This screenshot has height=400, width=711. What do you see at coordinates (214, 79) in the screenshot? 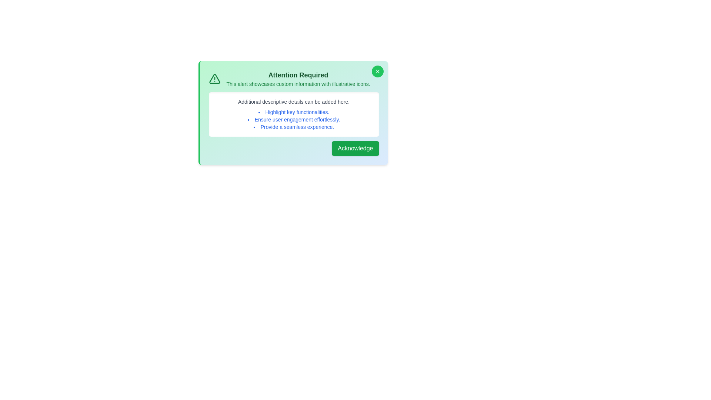
I see `the illustrative icon to examine it` at bounding box center [214, 79].